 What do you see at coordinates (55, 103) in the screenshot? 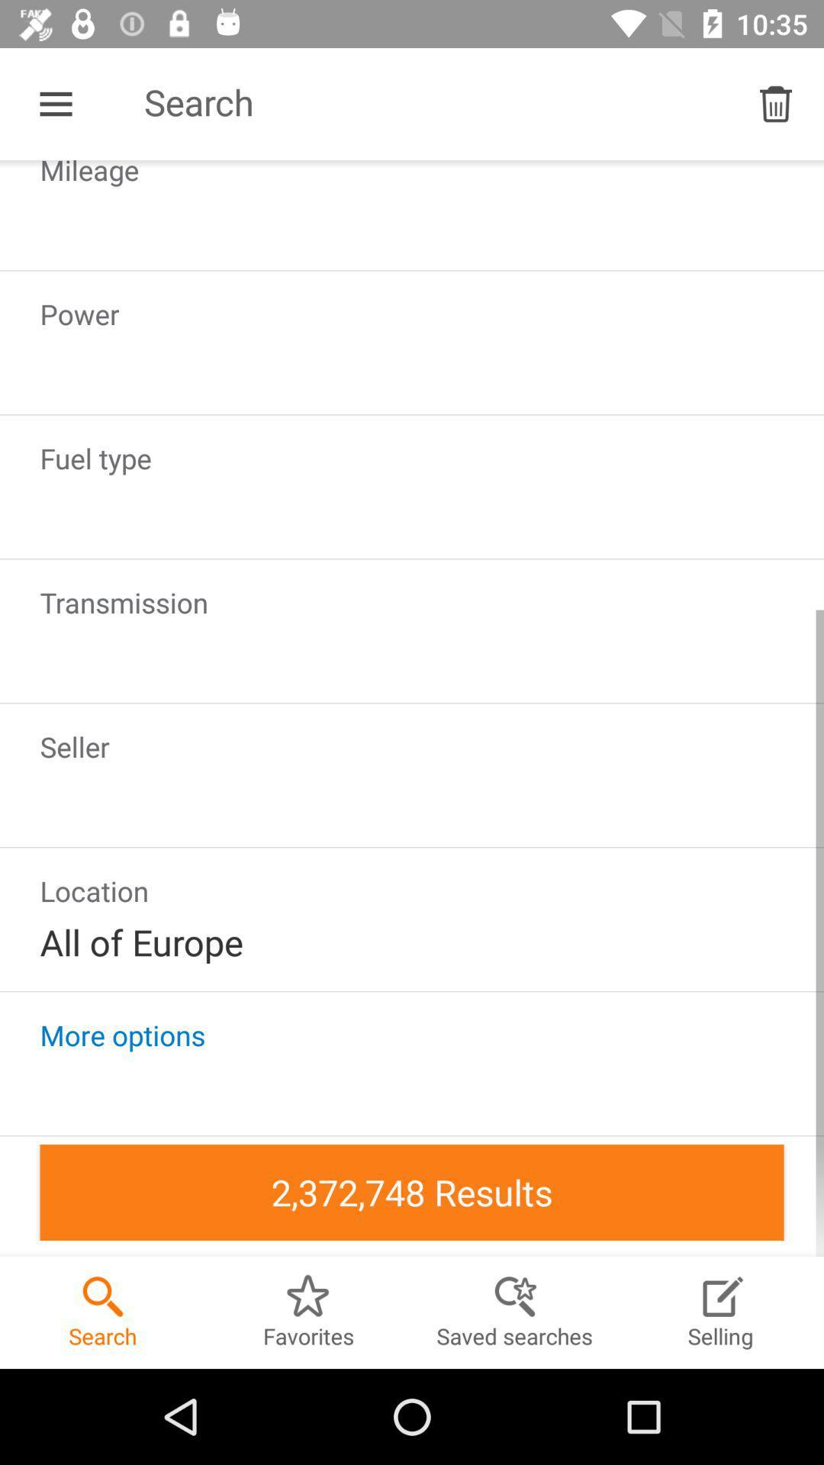
I see `the item above the mileage` at bounding box center [55, 103].